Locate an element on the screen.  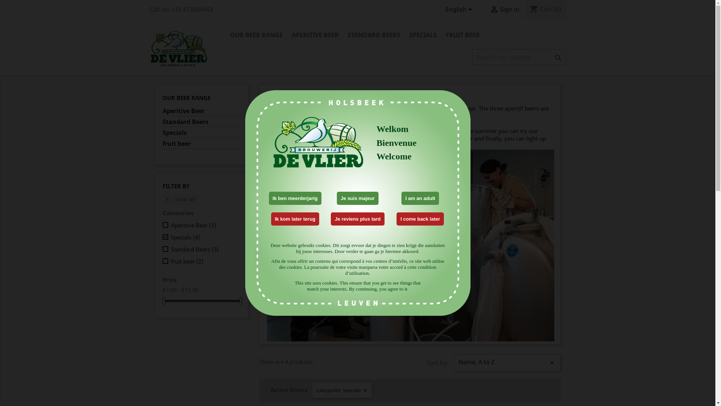
'FRUIT BEER' is located at coordinates (462, 35).